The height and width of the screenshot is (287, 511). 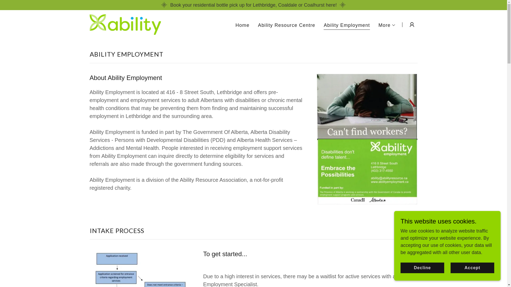 I want to click on 'Ability Employment', so click(x=347, y=26).